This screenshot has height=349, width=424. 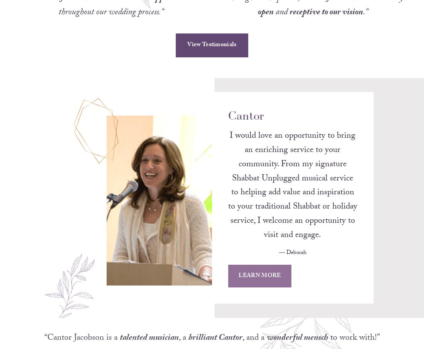 I want to click on 'incredible support', so click(x=144, y=8).